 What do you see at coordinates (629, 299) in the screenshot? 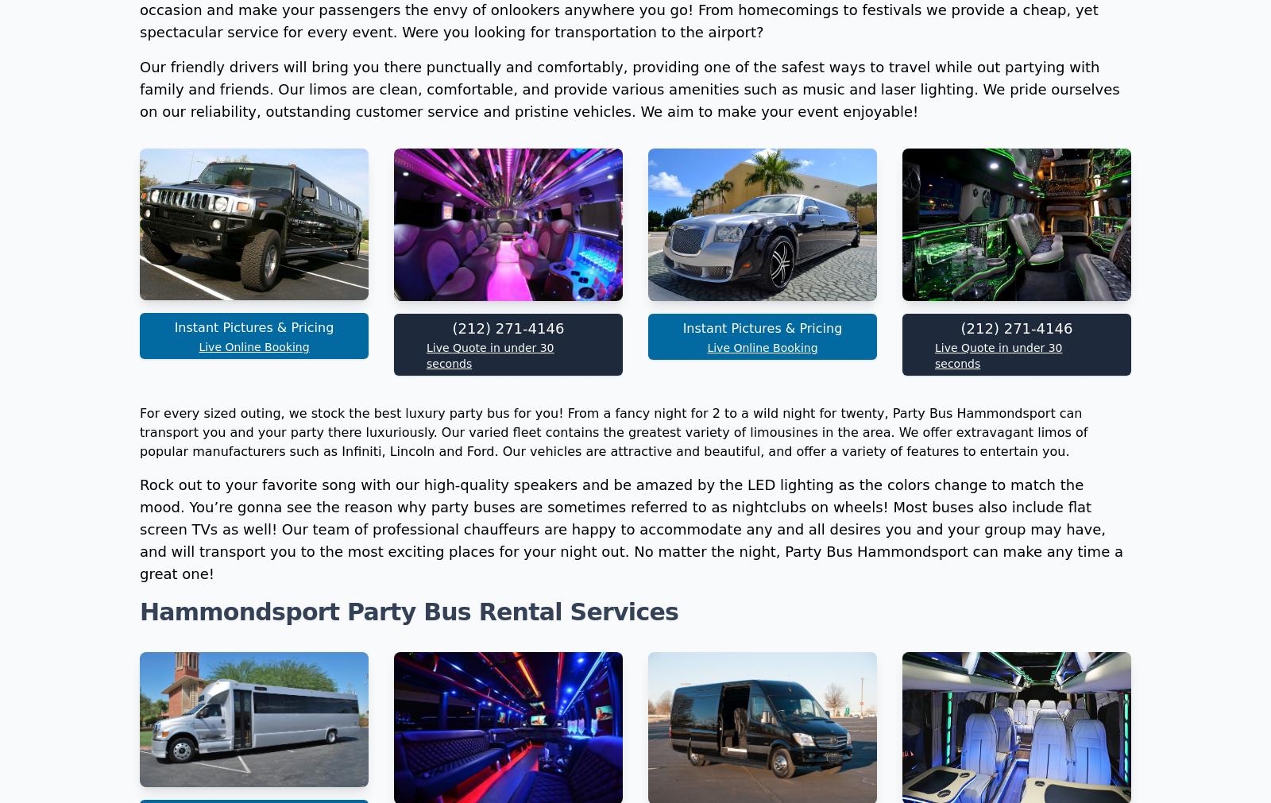
I see `'Our friendly drivers will bring you there punctually and comfortably, providing one of the safest ways to travel while out partying with family and friends. Our limos are clean, comfortable, and provide various amenities such as music and laser lighting. We pride ourselves on our reliability, outstanding customer service and pristine vehicles. We aim to make your event enjoyable!'` at bounding box center [629, 299].